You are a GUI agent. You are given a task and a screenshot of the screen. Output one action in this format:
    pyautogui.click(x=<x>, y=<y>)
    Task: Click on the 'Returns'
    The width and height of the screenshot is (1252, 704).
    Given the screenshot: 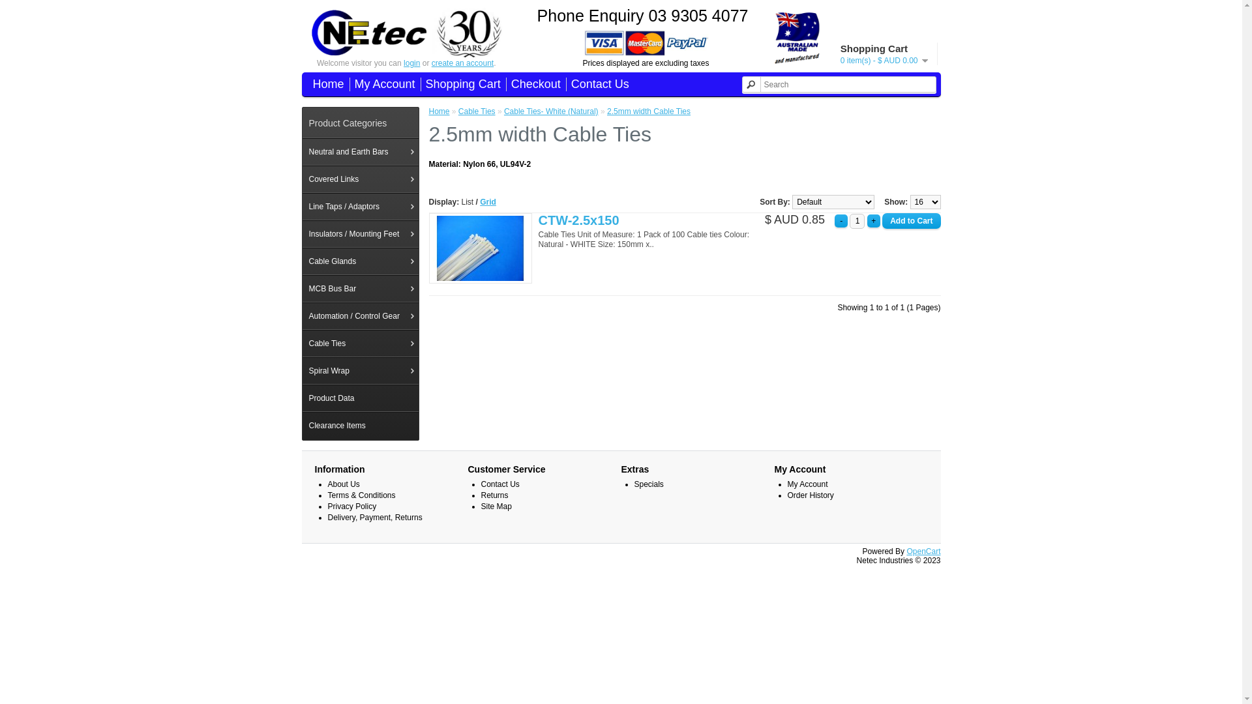 What is the action you would take?
    pyautogui.click(x=494, y=495)
    